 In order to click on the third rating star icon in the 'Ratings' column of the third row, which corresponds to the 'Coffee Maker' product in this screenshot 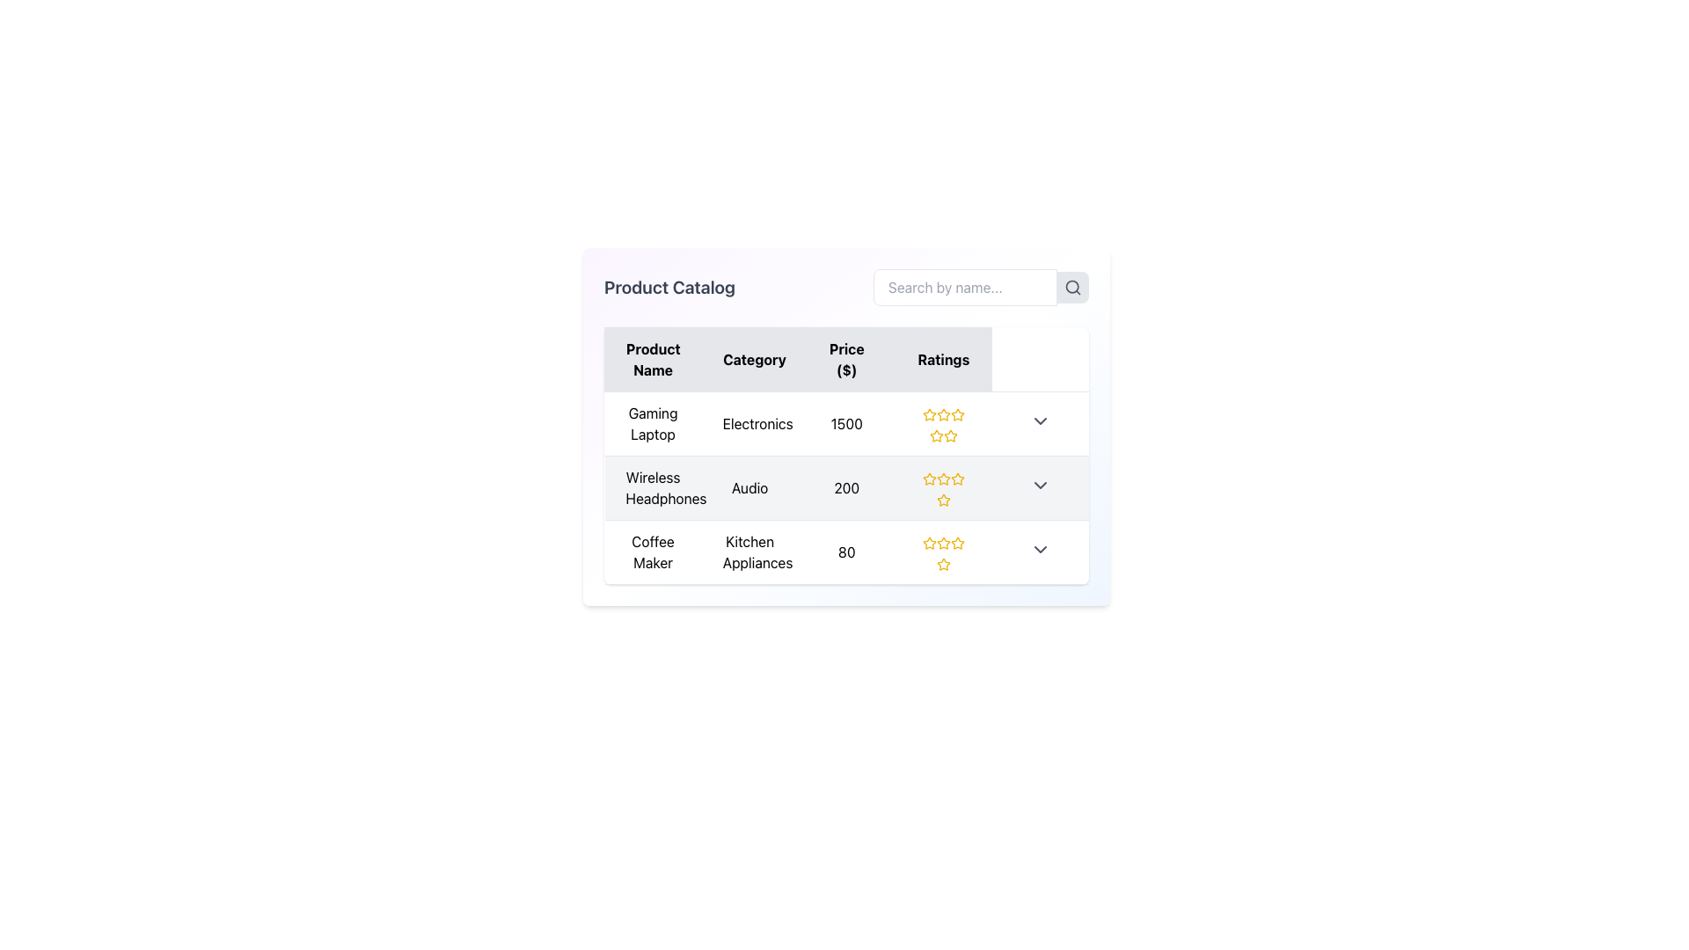, I will do `click(942, 542)`.